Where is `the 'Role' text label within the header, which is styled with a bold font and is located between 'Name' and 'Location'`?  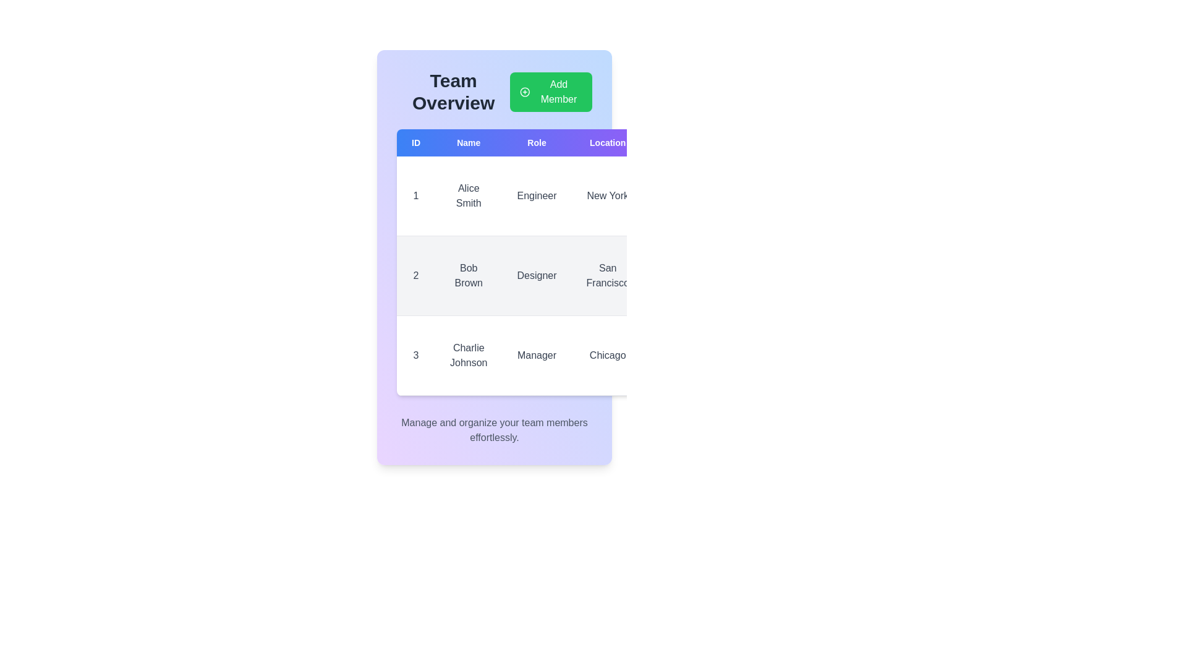 the 'Role' text label within the header, which is styled with a bold font and is located between 'Name' and 'Location' is located at coordinates (537, 142).